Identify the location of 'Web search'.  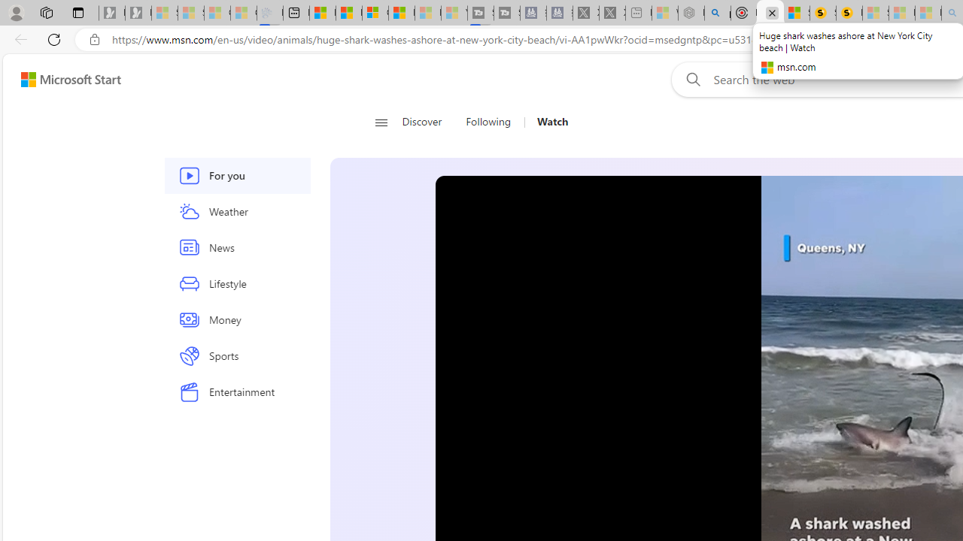
(689, 79).